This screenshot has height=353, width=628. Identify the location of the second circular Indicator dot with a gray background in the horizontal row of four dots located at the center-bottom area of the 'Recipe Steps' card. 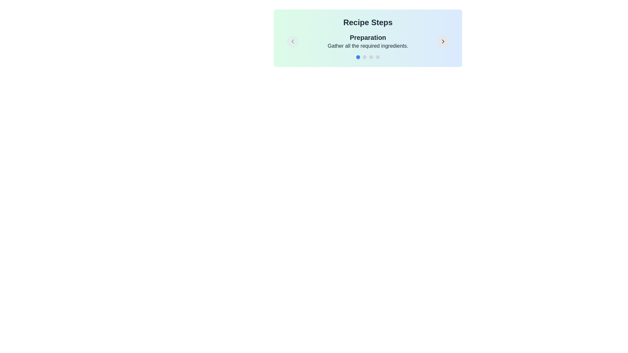
(364, 57).